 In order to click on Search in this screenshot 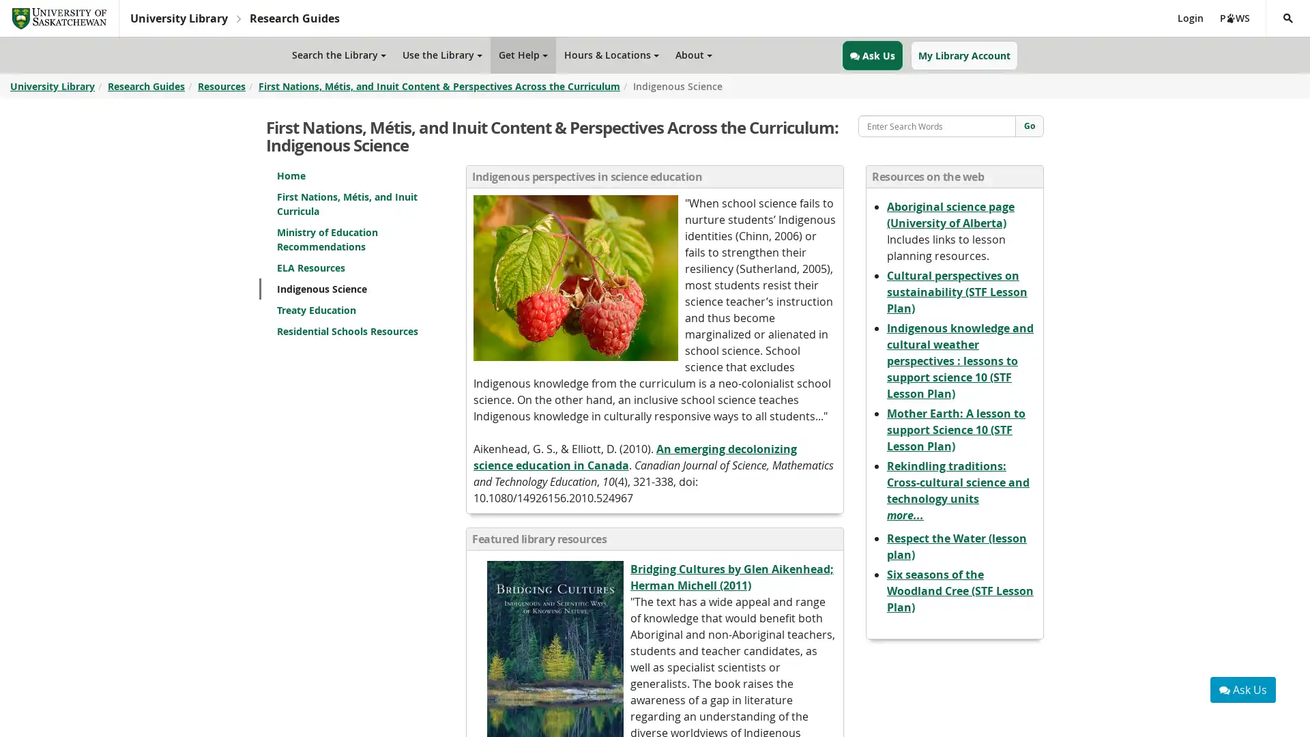, I will do `click(1264, 35)`.